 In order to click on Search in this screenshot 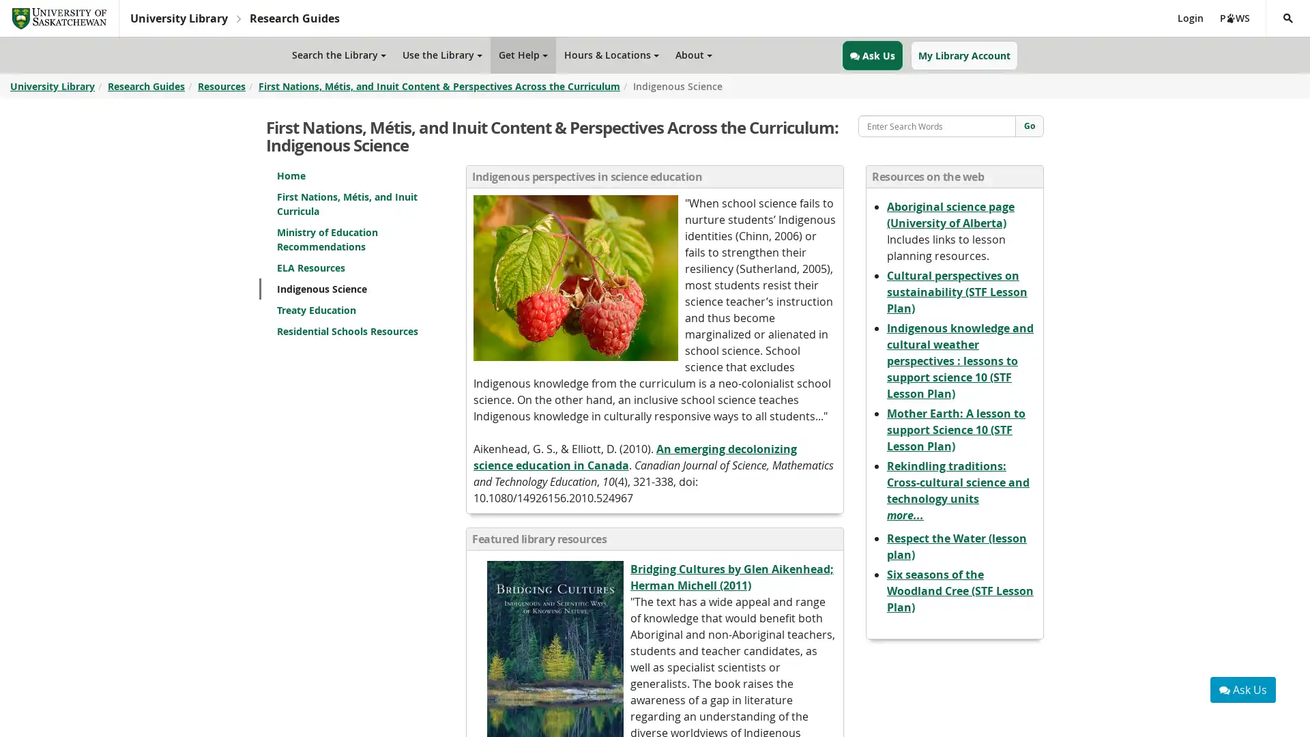, I will do `click(1264, 35)`.